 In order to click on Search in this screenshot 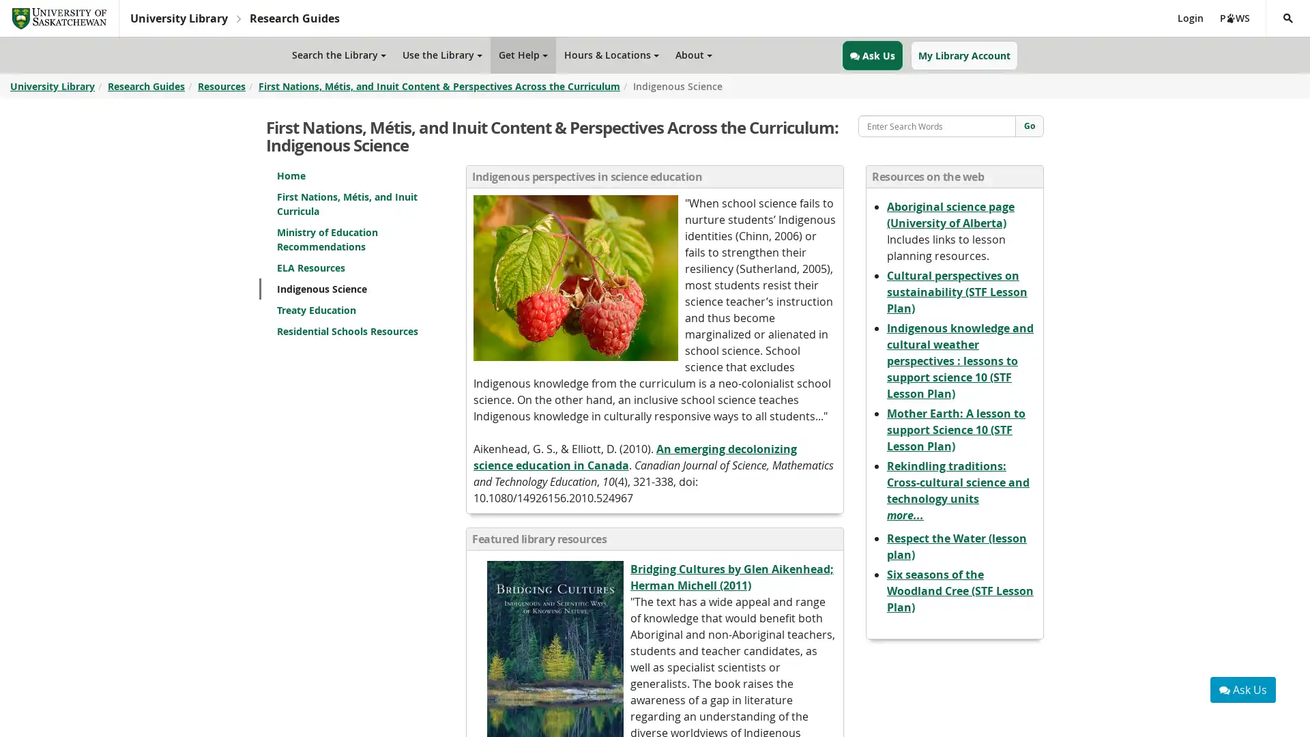, I will do `click(1264, 35)`.